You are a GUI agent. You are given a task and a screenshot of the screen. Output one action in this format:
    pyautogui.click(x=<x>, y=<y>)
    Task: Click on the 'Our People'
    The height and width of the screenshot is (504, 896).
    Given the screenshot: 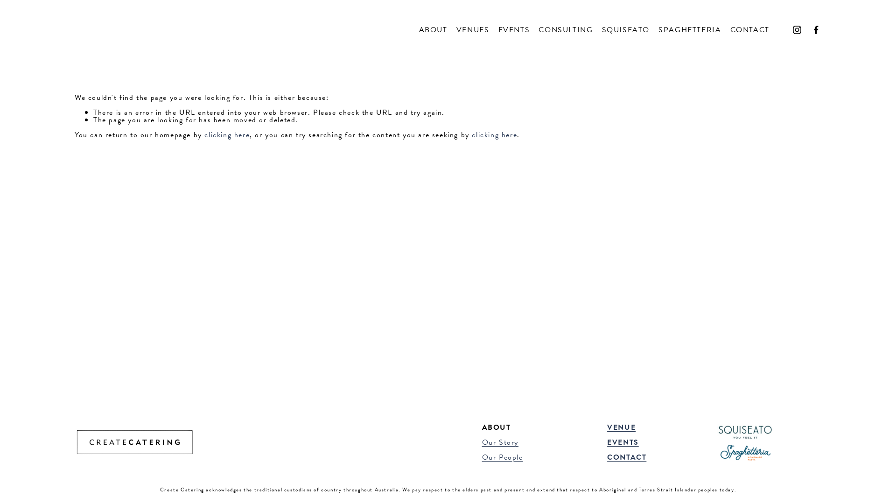 What is the action you would take?
    pyautogui.click(x=482, y=456)
    